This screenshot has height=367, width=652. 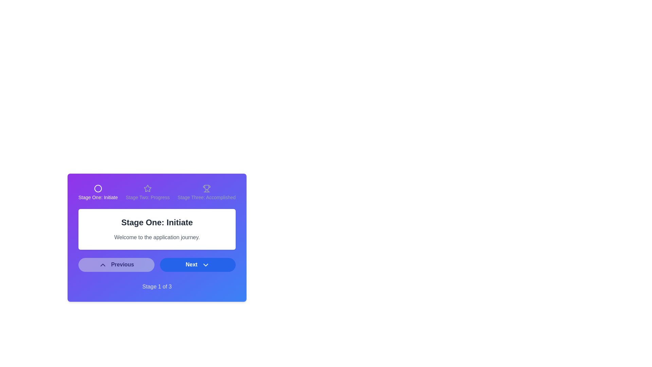 I want to click on the 'Stage Three' label, which indicates the final stage in the three-step progress tracker at the top-center of the application layout, so click(x=206, y=197).